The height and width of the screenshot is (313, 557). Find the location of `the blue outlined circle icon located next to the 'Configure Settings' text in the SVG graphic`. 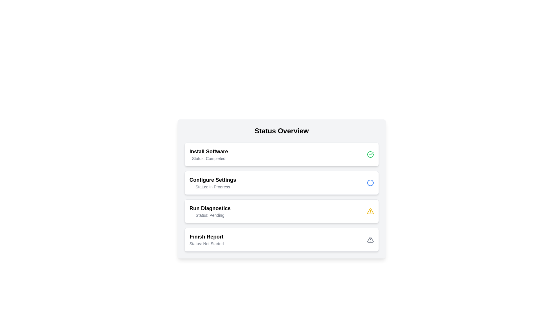

the blue outlined circle icon located next to the 'Configure Settings' text in the SVG graphic is located at coordinates (370, 183).